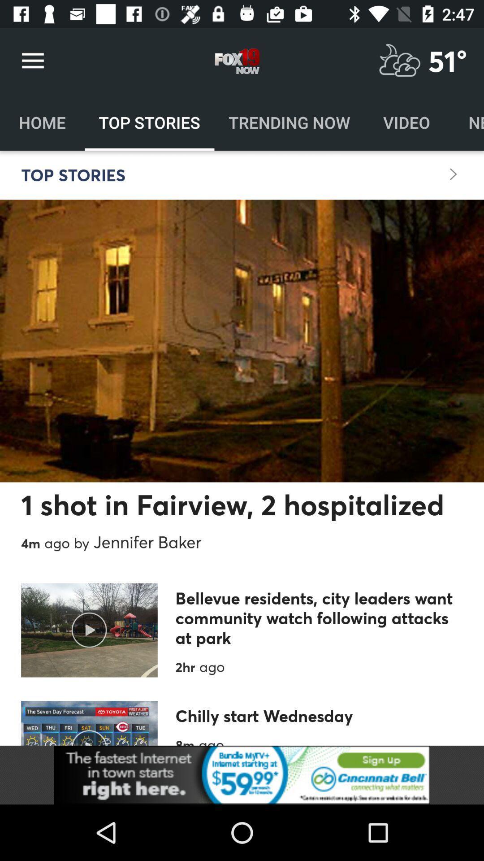  I want to click on check weather, so click(399, 61).